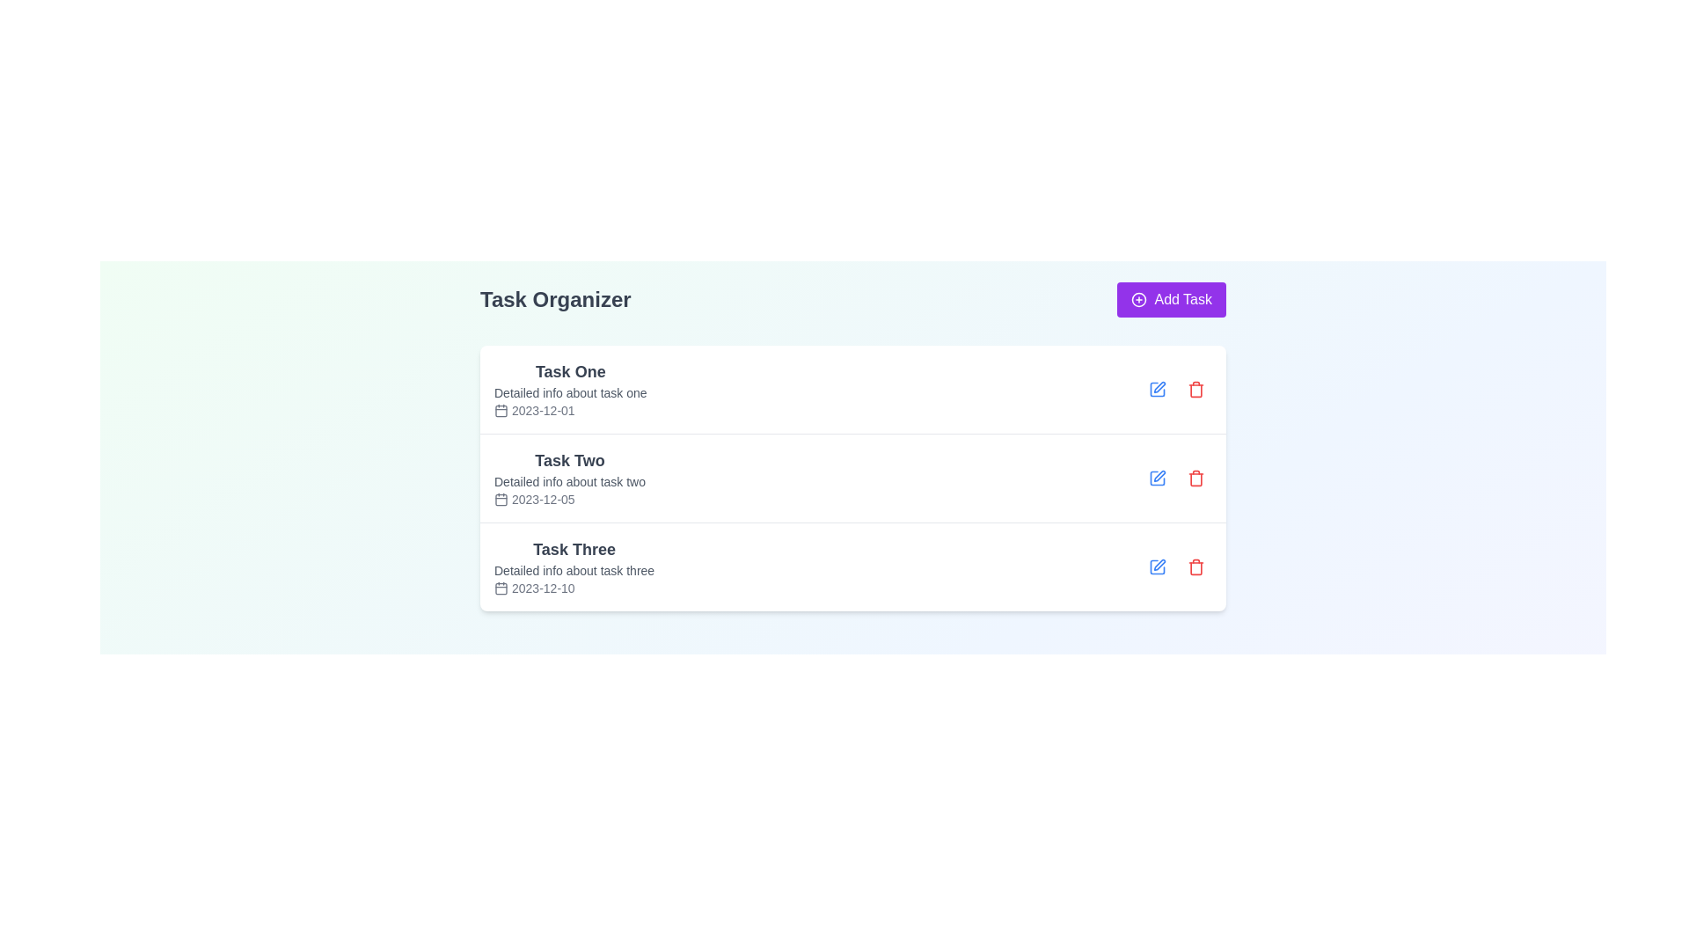 This screenshot has width=1689, height=950. I want to click on the third entry in the 'Task Organizer' section that provides information about 'Task Three', including its details and due date, so click(574, 566).